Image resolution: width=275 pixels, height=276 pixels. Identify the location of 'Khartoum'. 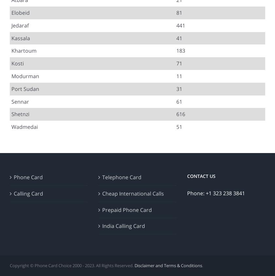
(11, 50).